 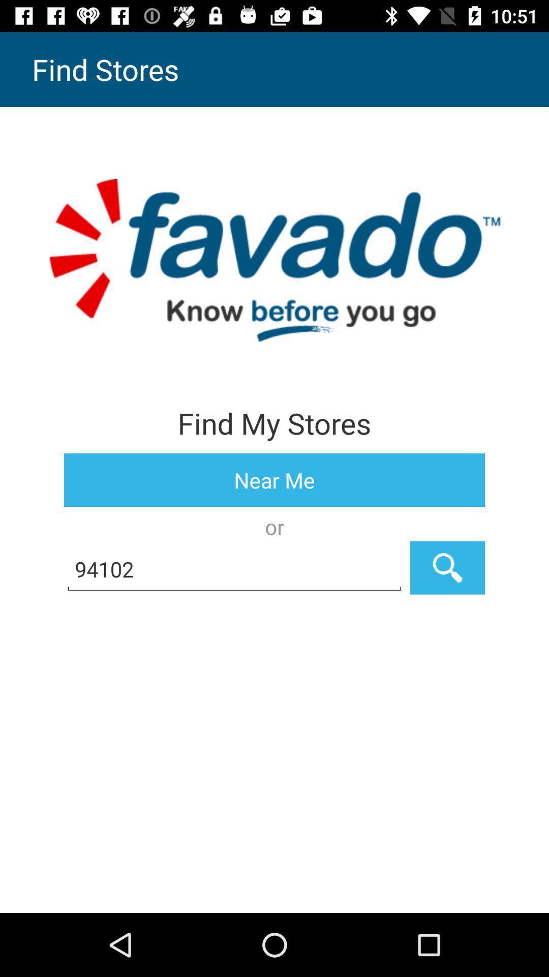 I want to click on item below the or, so click(x=447, y=567).